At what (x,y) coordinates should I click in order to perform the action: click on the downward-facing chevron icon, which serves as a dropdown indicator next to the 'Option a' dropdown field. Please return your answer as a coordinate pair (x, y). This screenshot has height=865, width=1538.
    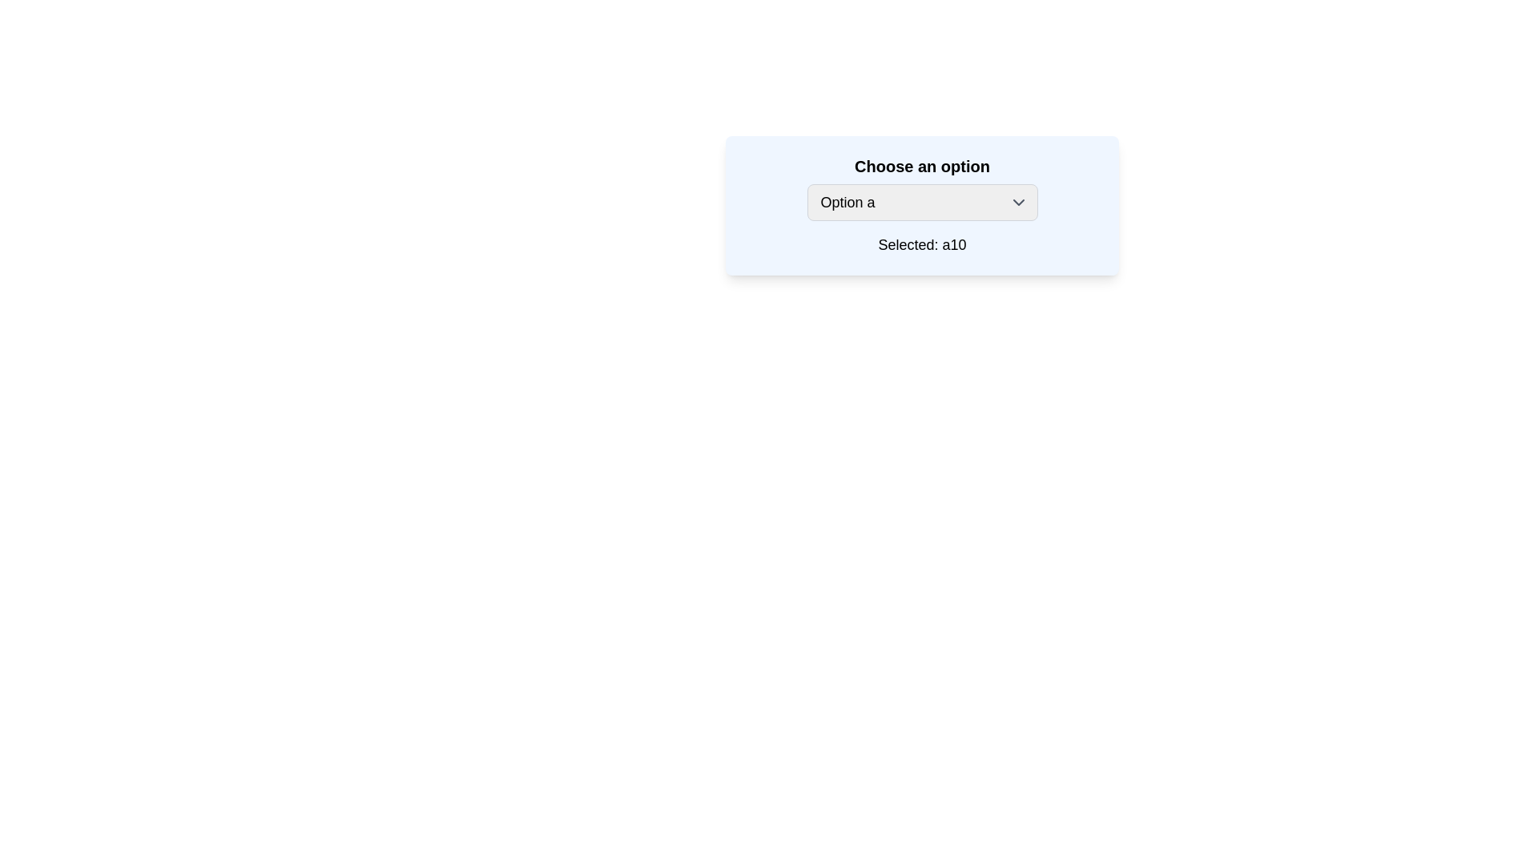
    Looking at the image, I should click on (1017, 202).